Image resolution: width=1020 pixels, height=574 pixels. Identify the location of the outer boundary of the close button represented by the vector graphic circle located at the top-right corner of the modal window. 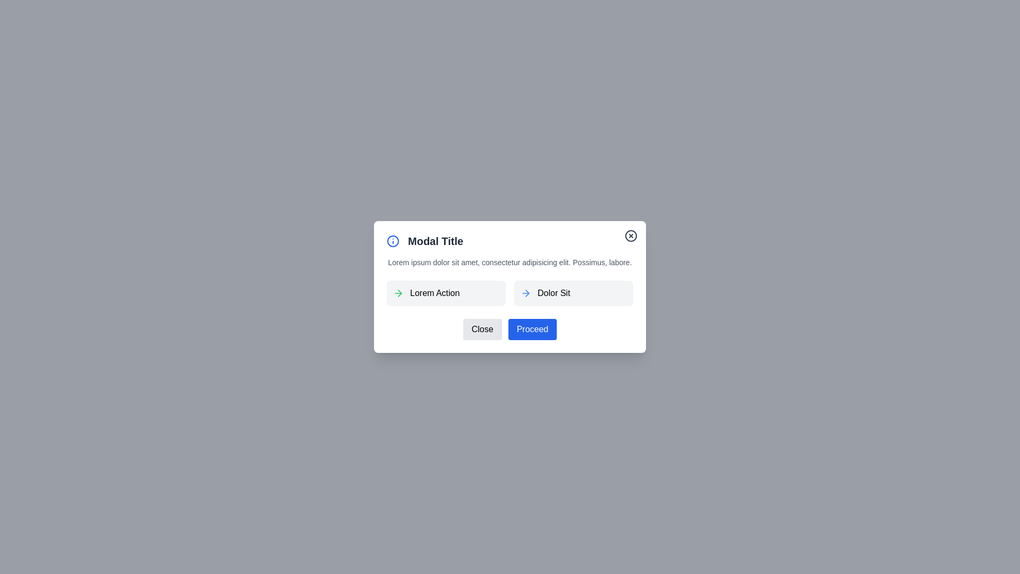
(631, 235).